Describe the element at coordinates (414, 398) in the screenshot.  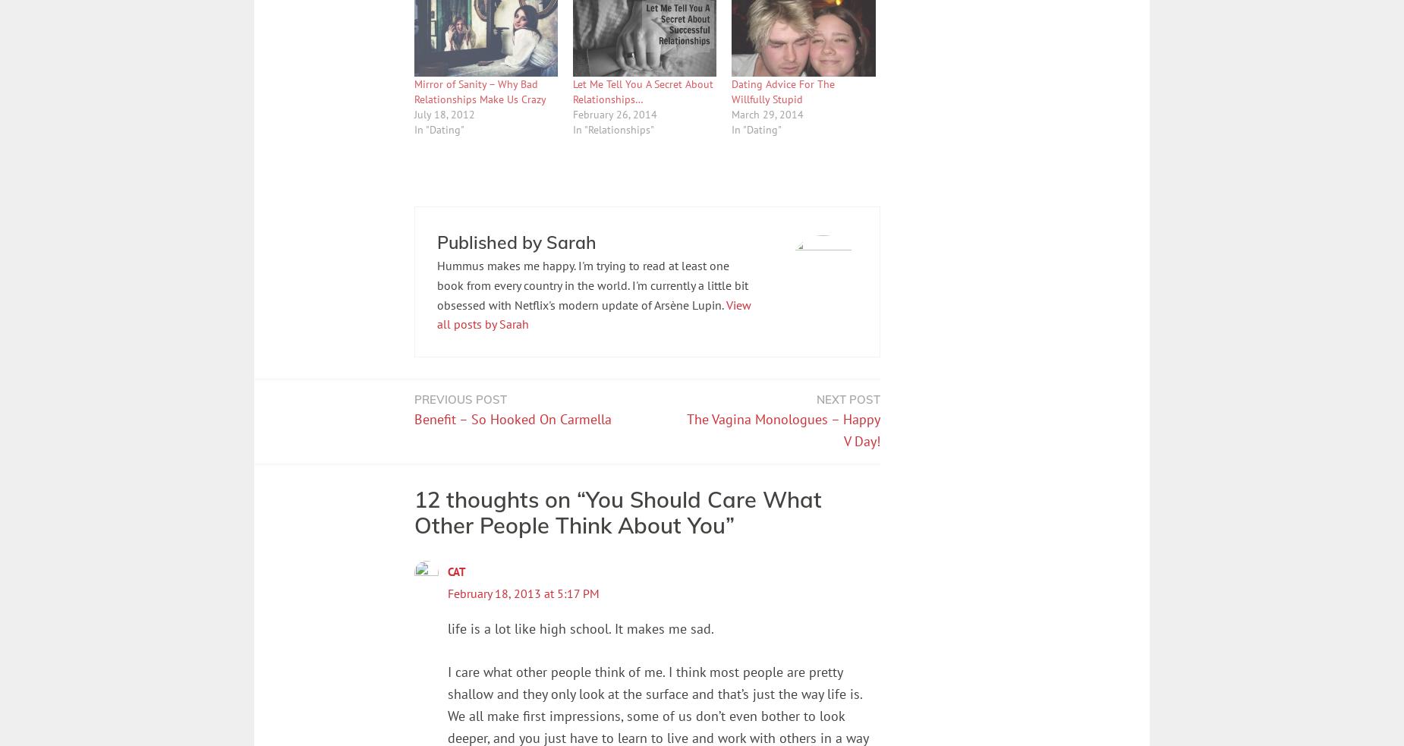
I see `'Previous post'` at that location.